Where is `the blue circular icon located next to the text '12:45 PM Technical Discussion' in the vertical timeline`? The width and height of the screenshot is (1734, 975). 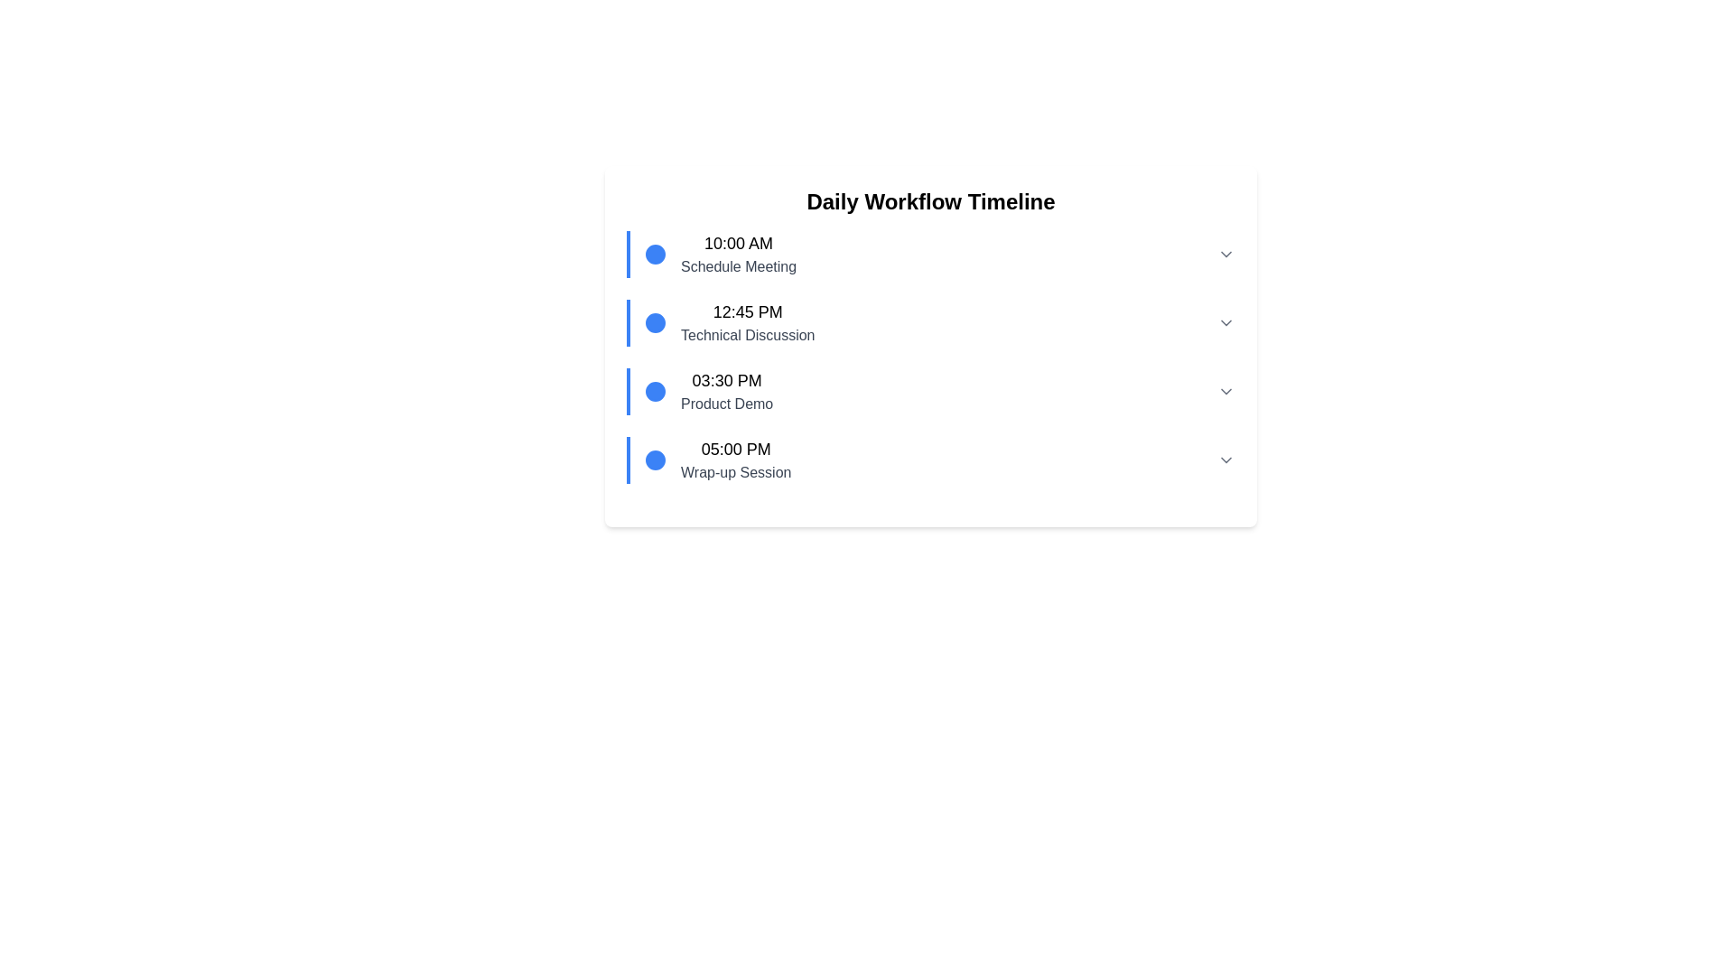 the blue circular icon located next to the text '12:45 PM Technical Discussion' in the vertical timeline is located at coordinates (654, 322).